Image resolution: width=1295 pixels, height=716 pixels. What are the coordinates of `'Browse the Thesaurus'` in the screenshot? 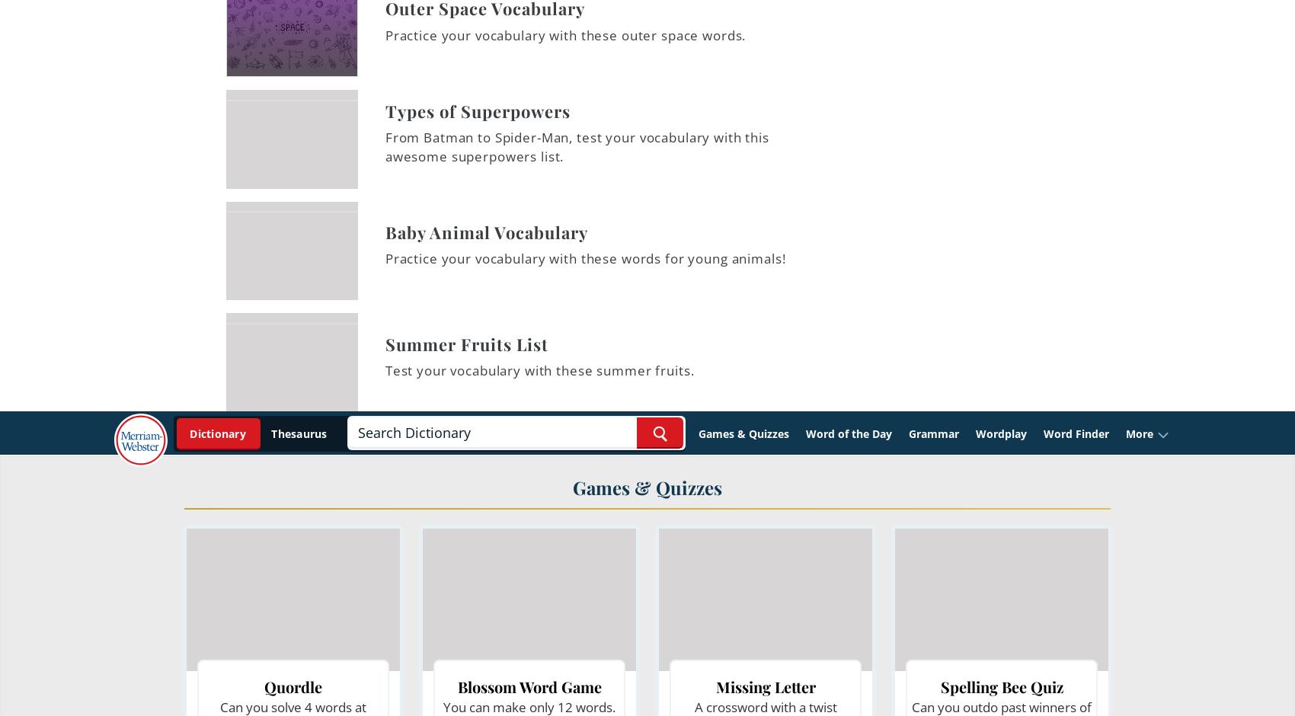 It's located at (380, 110).